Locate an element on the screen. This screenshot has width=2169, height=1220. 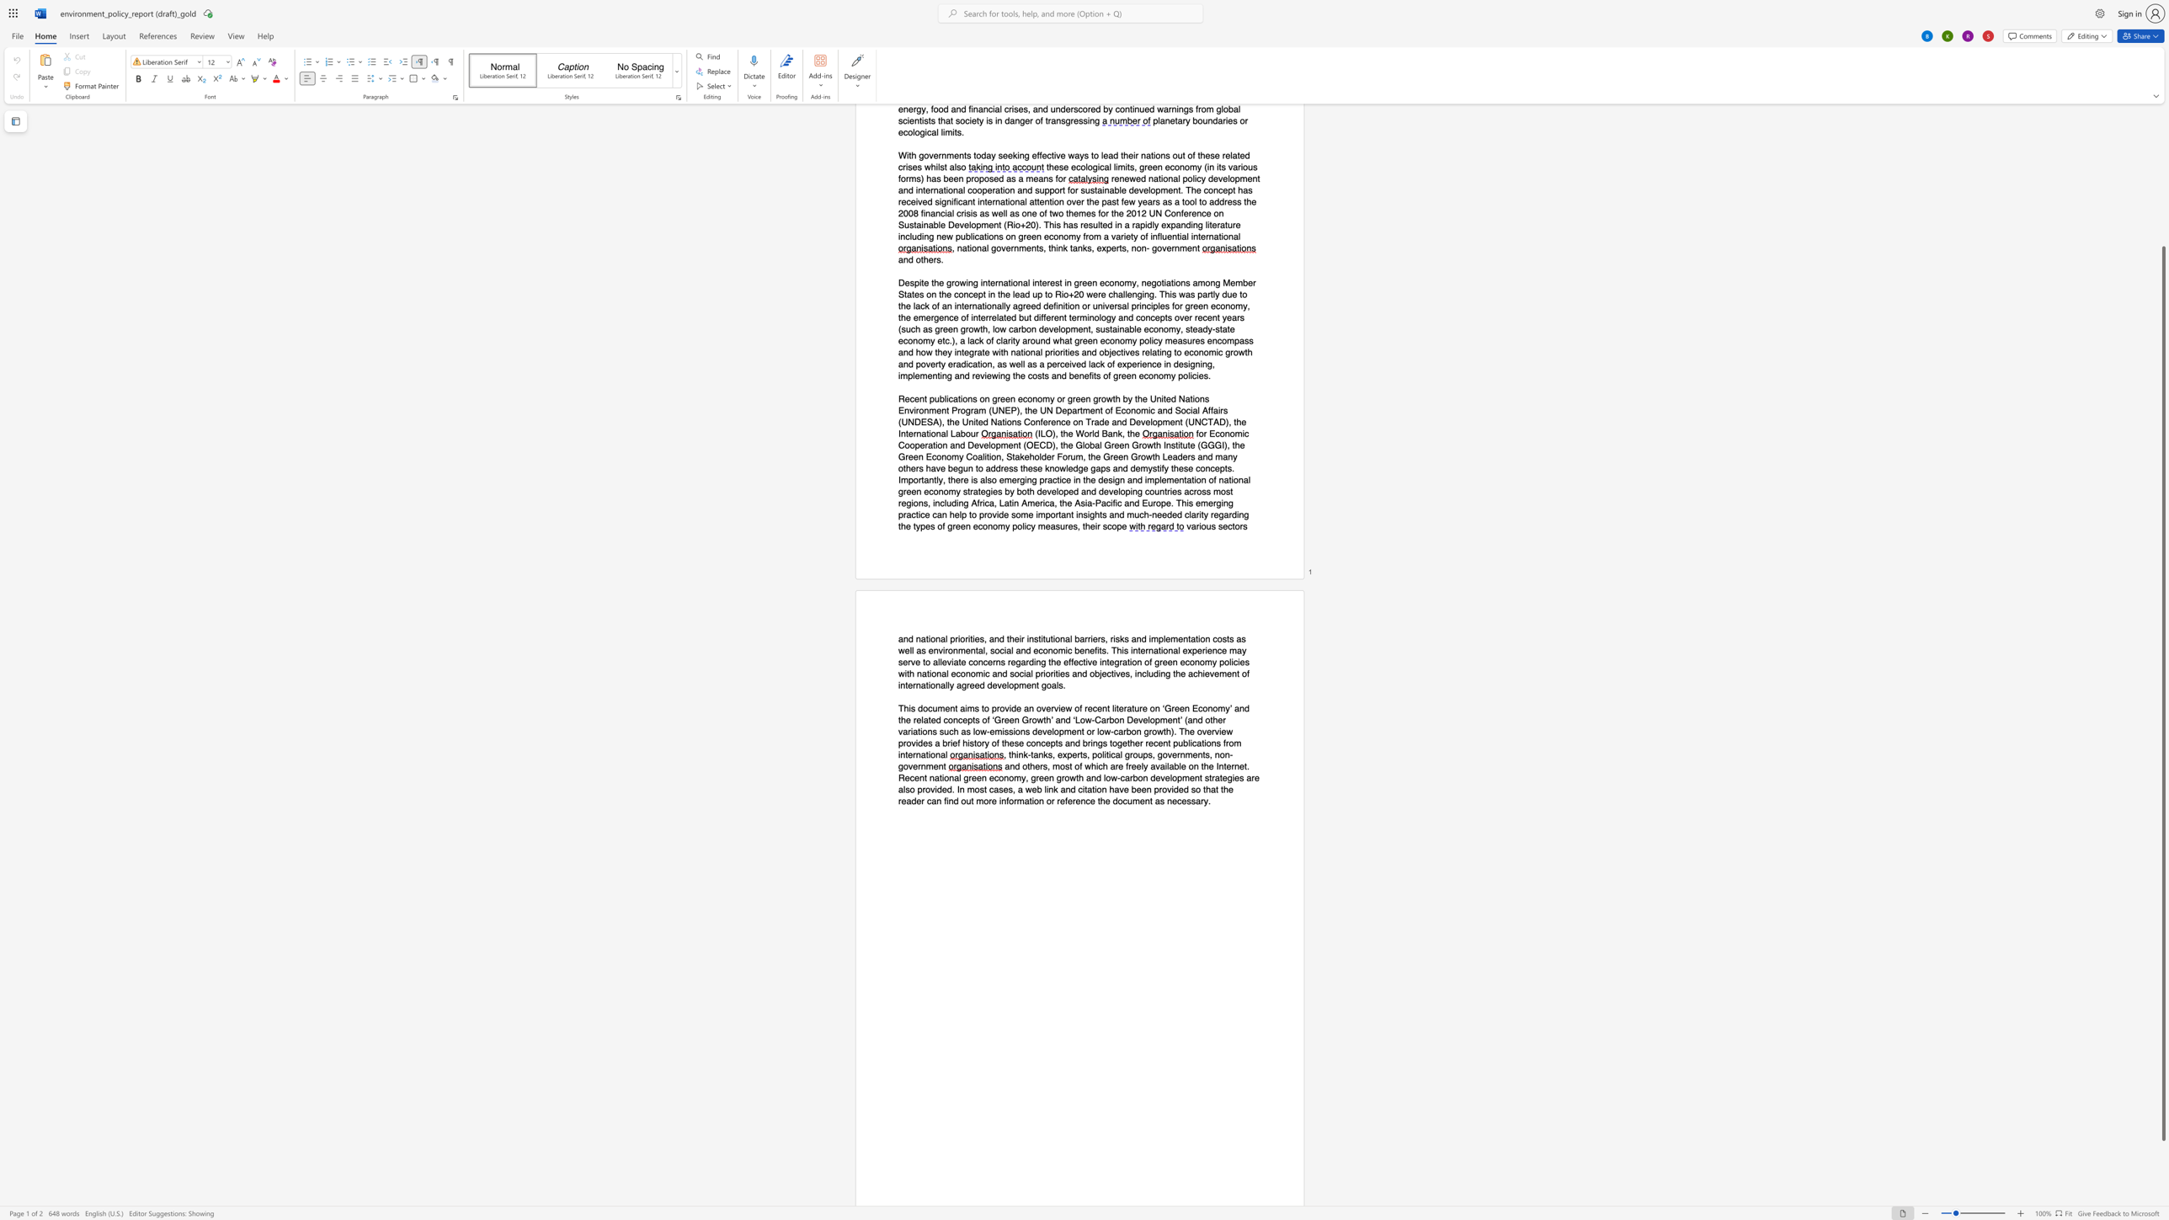
the scrollbar to slide the page up is located at coordinates (2162, 214).